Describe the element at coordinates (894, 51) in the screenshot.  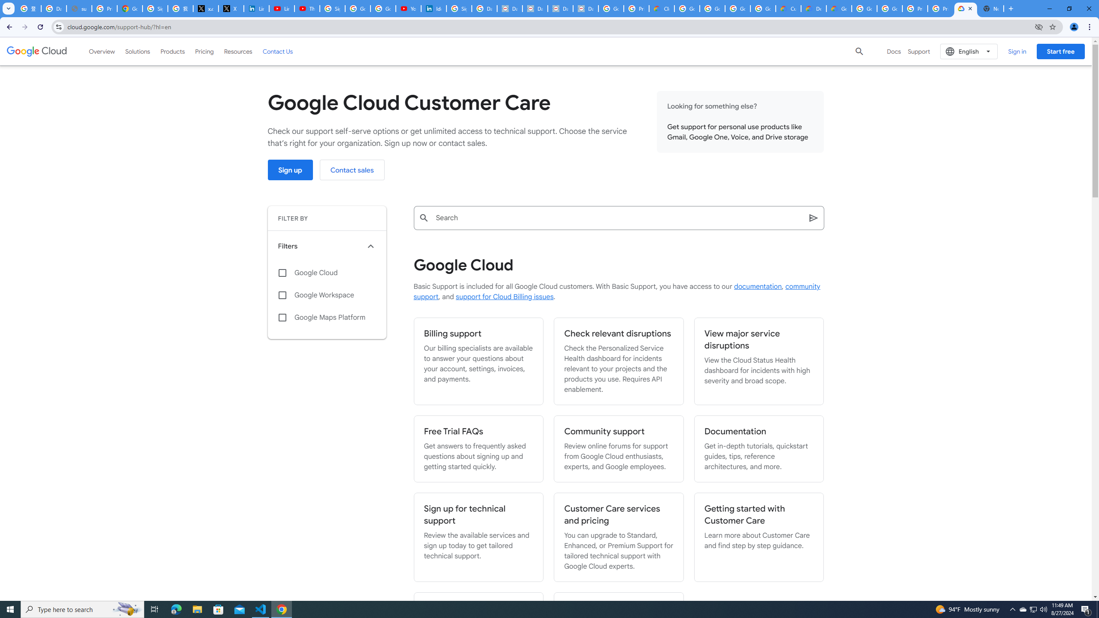
I see `'Docs'` at that location.